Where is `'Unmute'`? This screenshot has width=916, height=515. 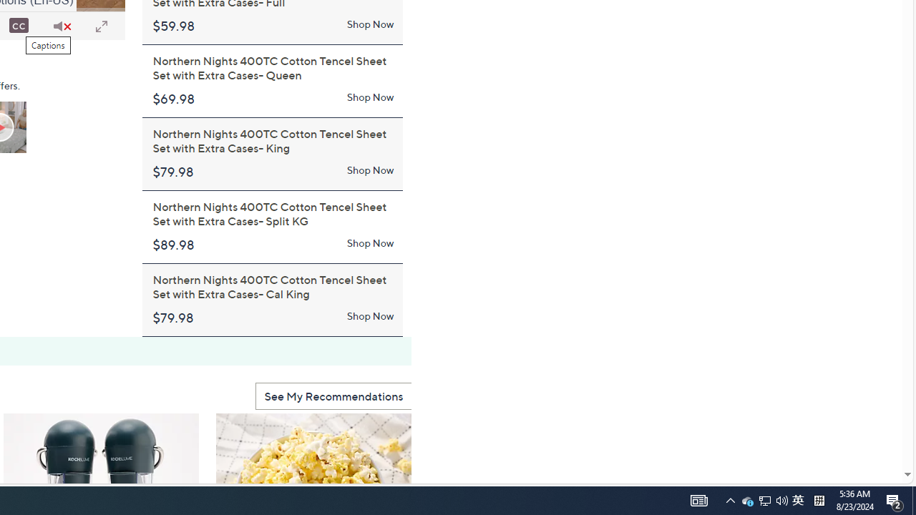 'Unmute' is located at coordinates (61, 26).